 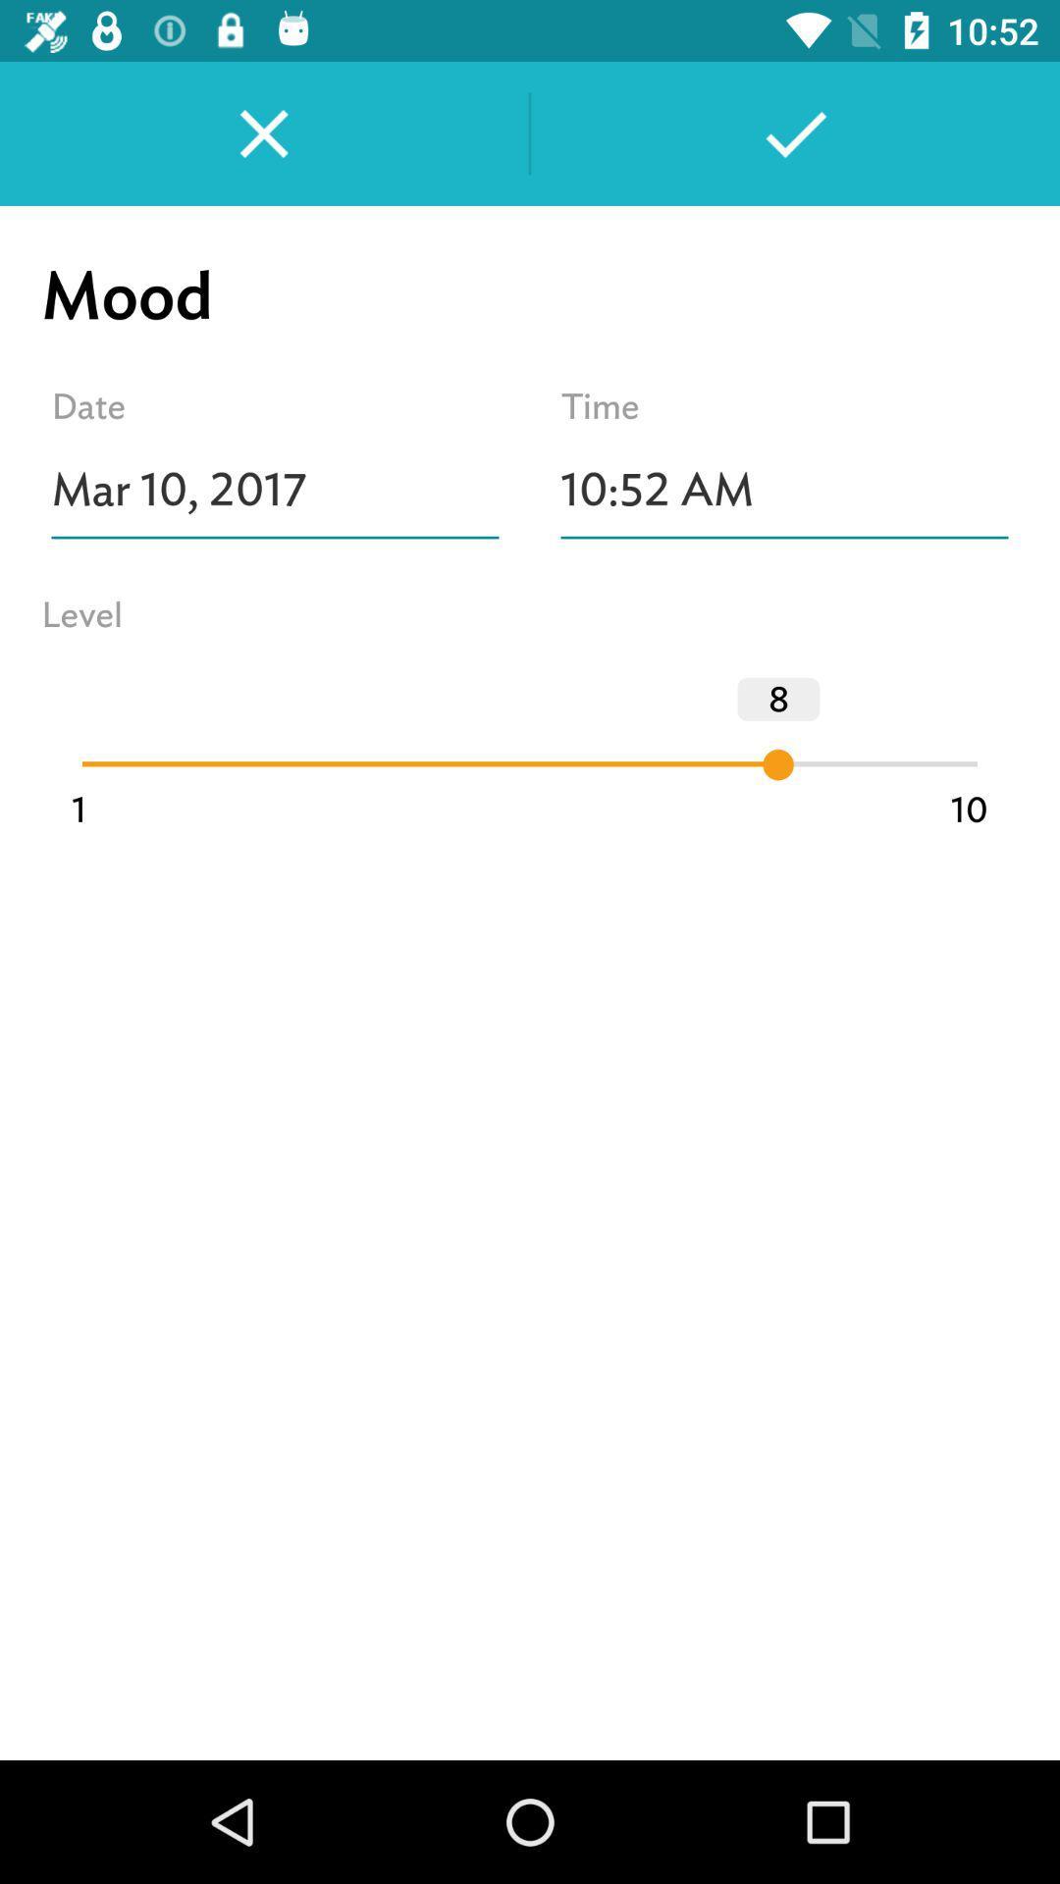 What do you see at coordinates (275, 490) in the screenshot?
I see `the mar 10, 2017 icon` at bounding box center [275, 490].